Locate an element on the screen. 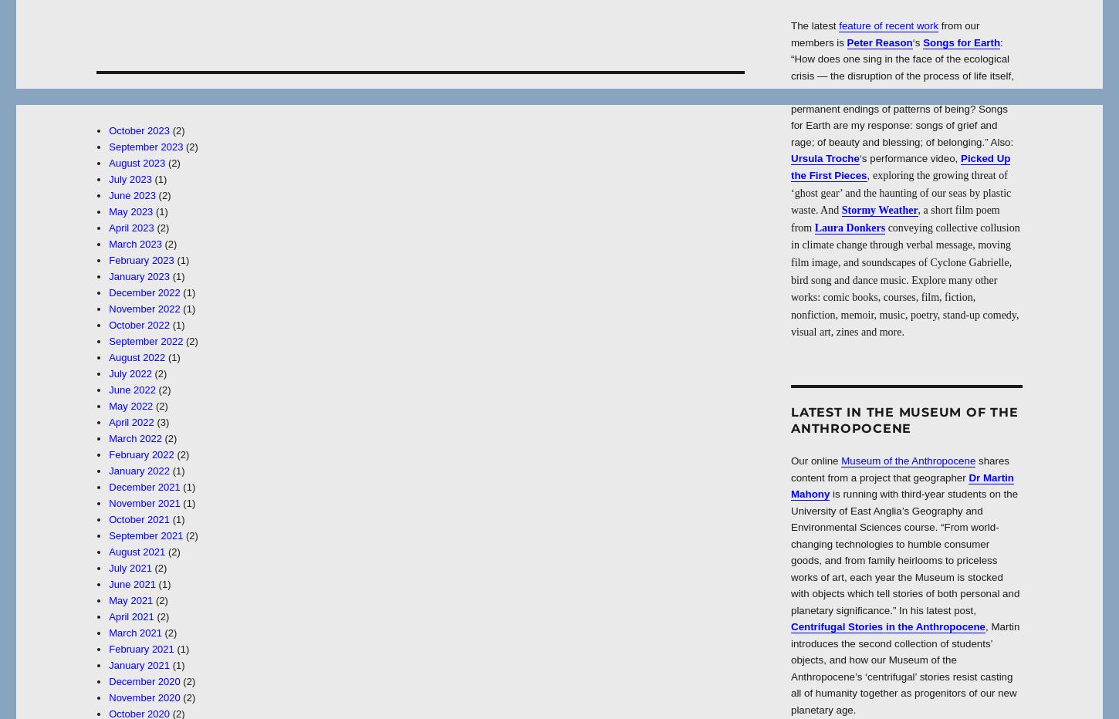  'May 2022' is located at coordinates (130, 406).